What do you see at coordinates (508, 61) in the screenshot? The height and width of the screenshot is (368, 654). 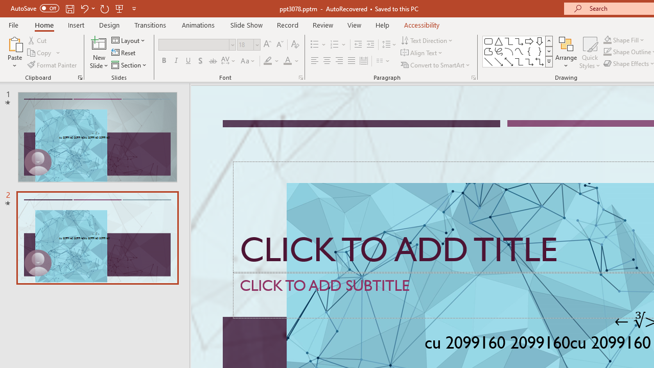 I see `'Line Arrow: Double'` at bounding box center [508, 61].